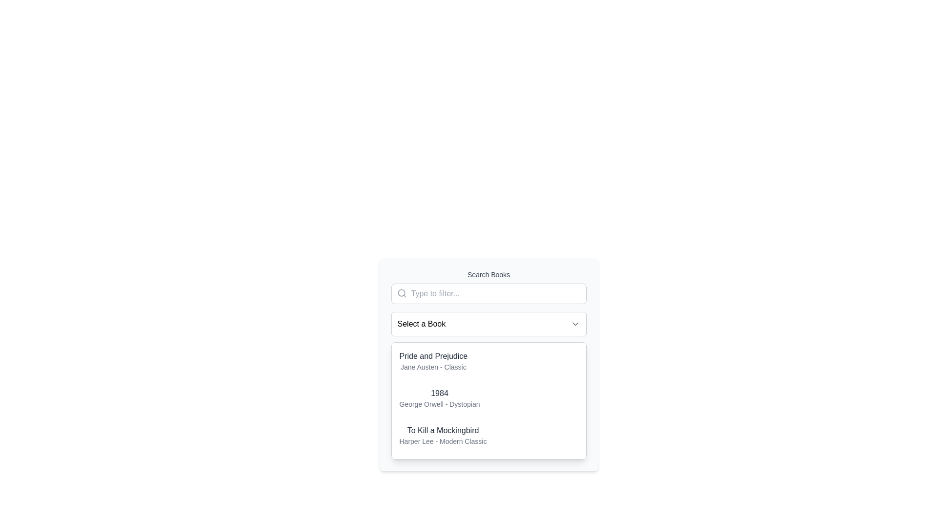 This screenshot has width=938, height=528. What do you see at coordinates (489, 435) in the screenshot?
I see `the list item titled 'To Kill a Mockingbird'` at bounding box center [489, 435].